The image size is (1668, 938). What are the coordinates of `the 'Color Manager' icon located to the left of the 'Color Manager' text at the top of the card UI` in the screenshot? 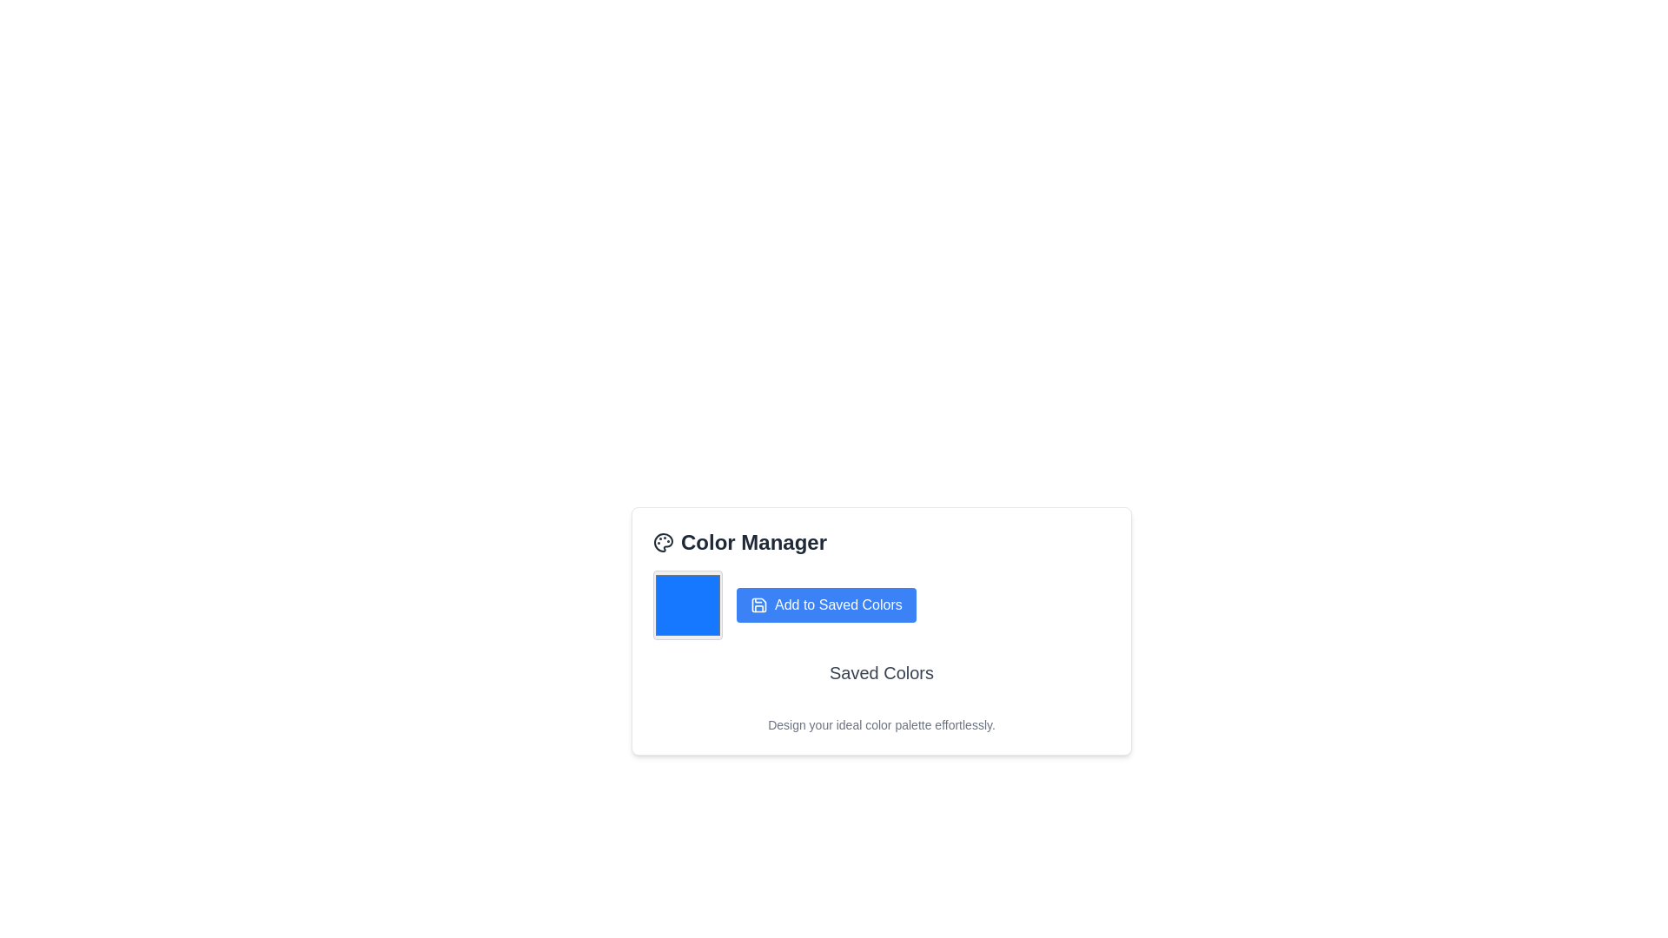 It's located at (662, 541).